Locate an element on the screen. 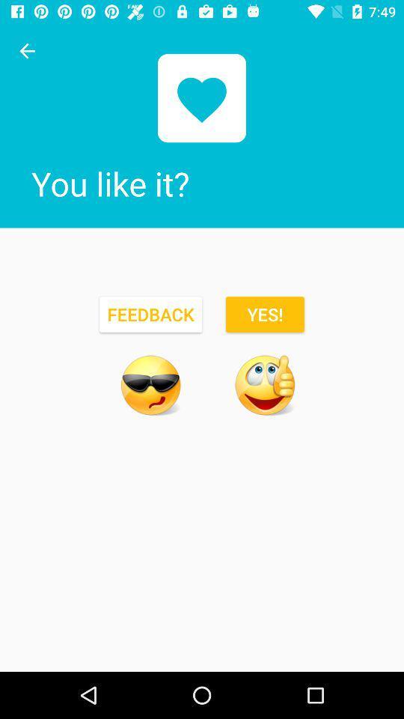 This screenshot has width=404, height=719. emoji is located at coordinates (150, 384).